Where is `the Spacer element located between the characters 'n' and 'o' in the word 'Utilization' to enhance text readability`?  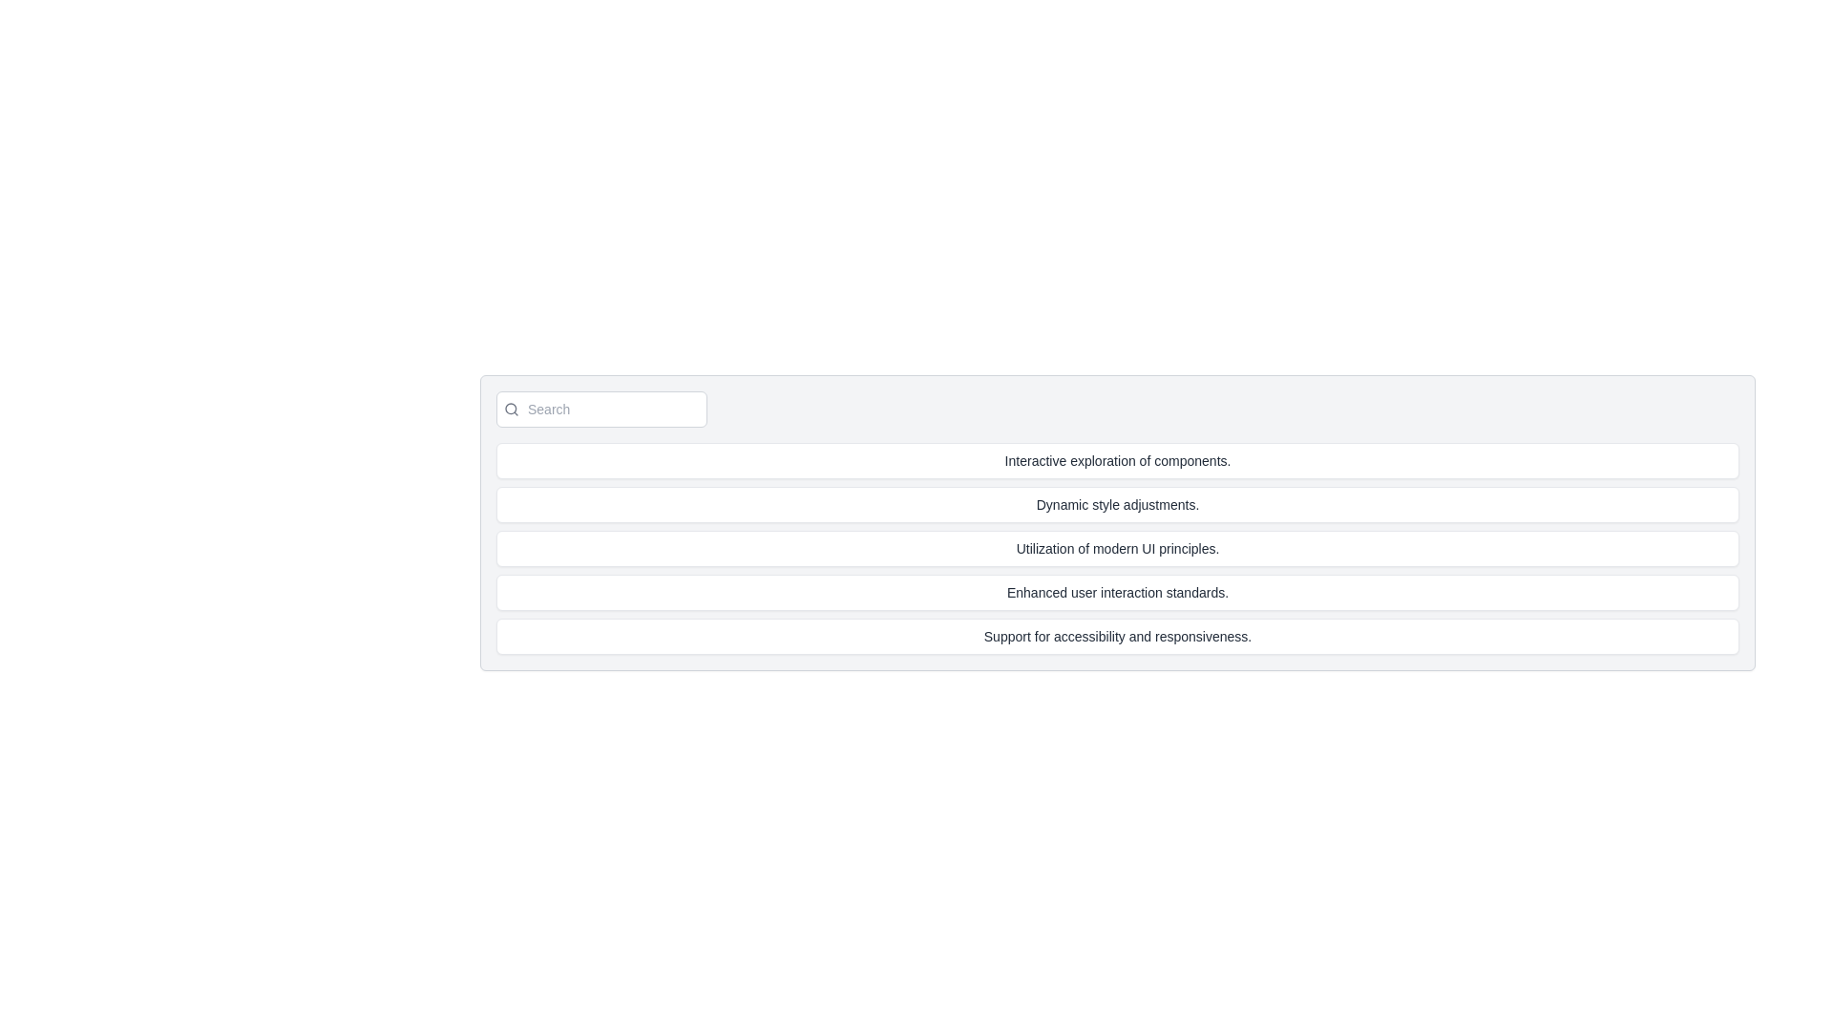
the Spacer element located between the characters 'n' and 'o' in the word 'Utilization' to enhance text readability is located at coordinates (1076, 548).